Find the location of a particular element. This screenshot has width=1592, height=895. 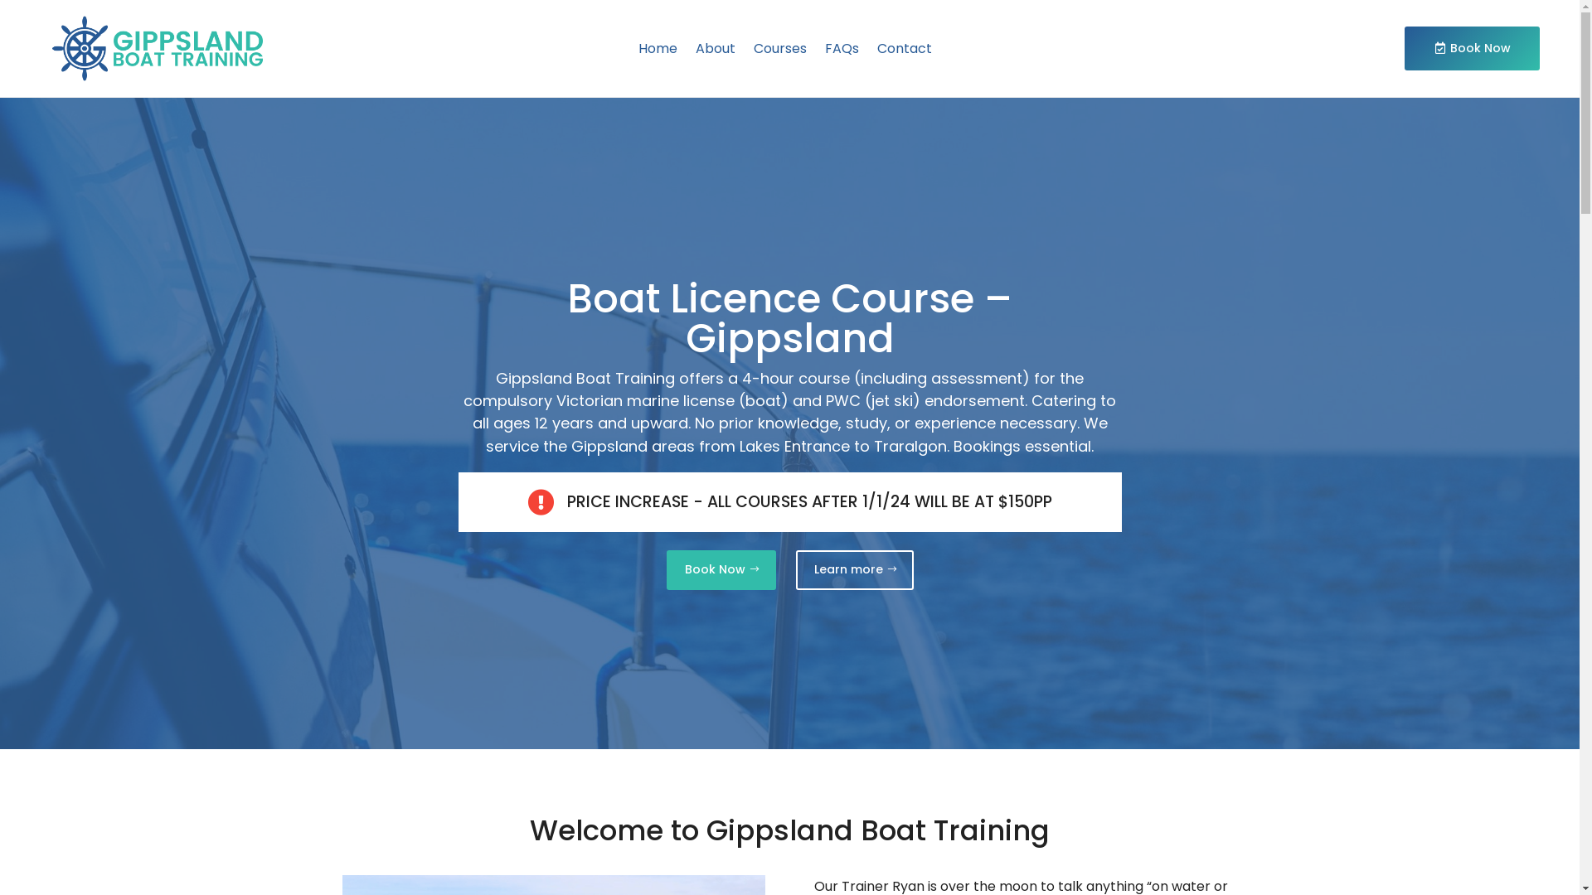

'Logo-2' is located at coordinates (158, 47).